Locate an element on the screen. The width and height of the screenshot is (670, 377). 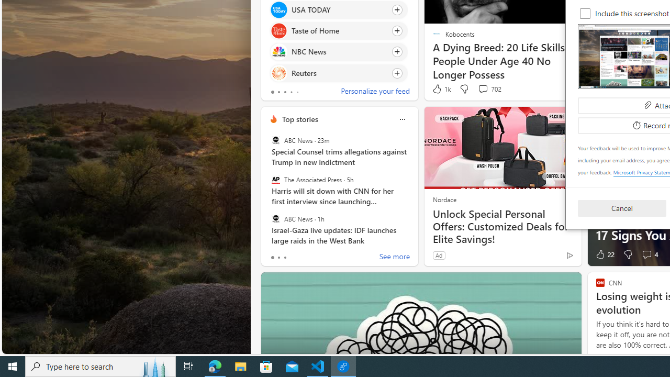
'Task View' is located at coordinates (188, 365).